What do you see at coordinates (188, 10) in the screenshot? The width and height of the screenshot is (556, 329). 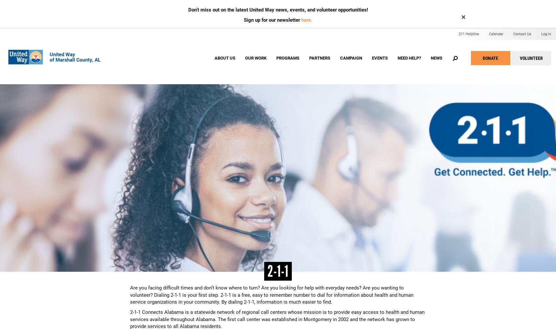 I see `'Don’t miss out on the latest United Way news, events, and volunteer opportunities!'` at bounding box center [188, 10].